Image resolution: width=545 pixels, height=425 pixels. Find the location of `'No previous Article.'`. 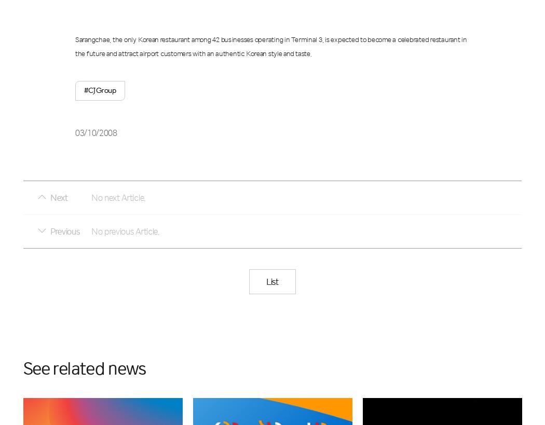

'No previous Article.' is located at coordinates (125, 230).